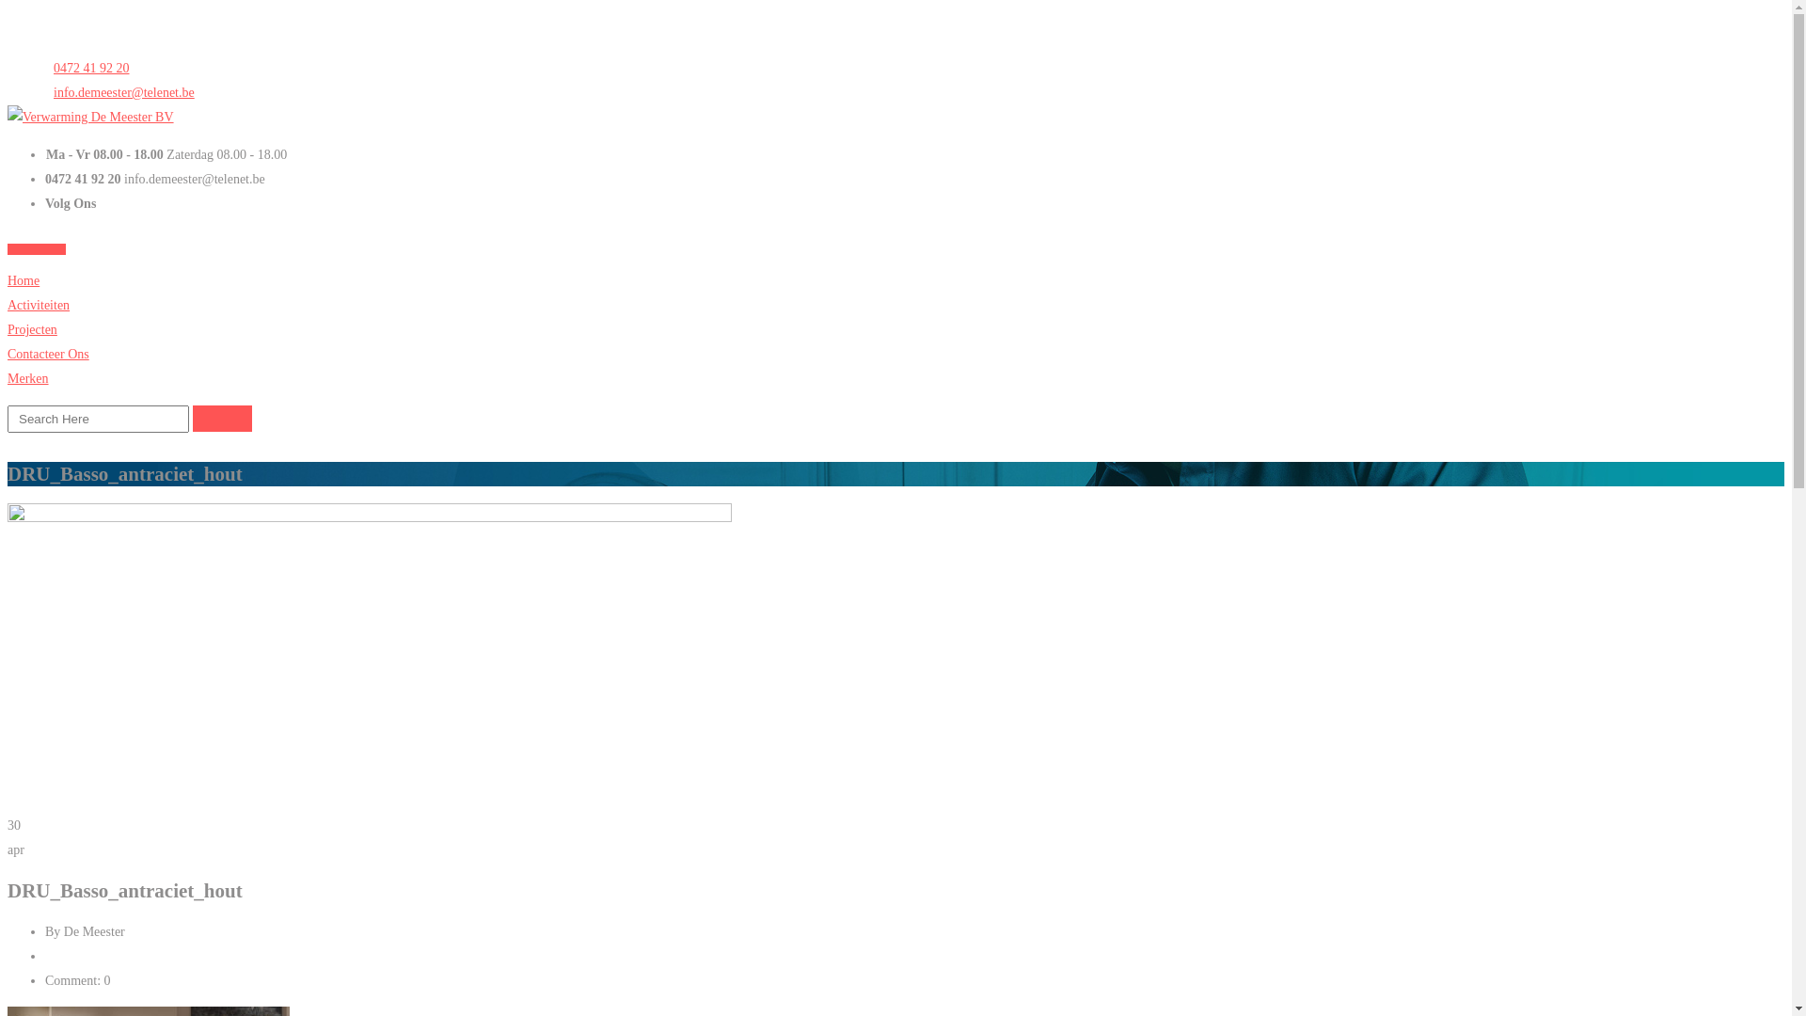 The height and width of the screenshot is (1016, 1806). I want to click on '0472 41 92 20', so click(86, 67).